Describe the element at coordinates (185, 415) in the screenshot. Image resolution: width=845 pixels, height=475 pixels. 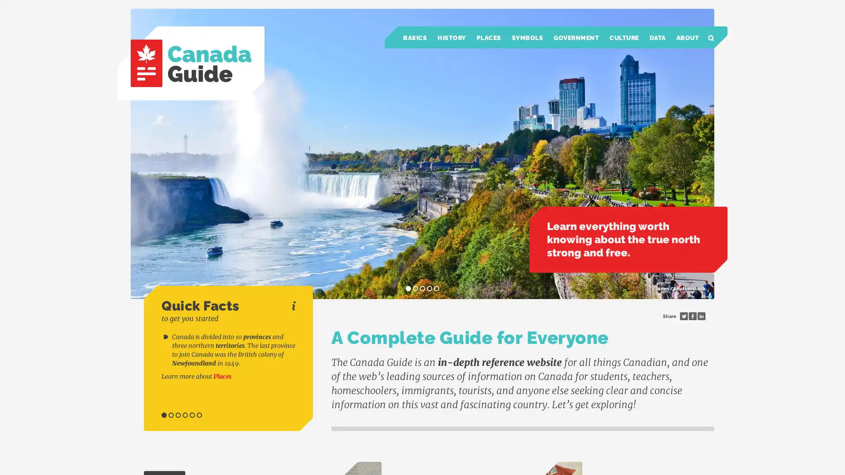
I see `Go to slide 4` at that location.